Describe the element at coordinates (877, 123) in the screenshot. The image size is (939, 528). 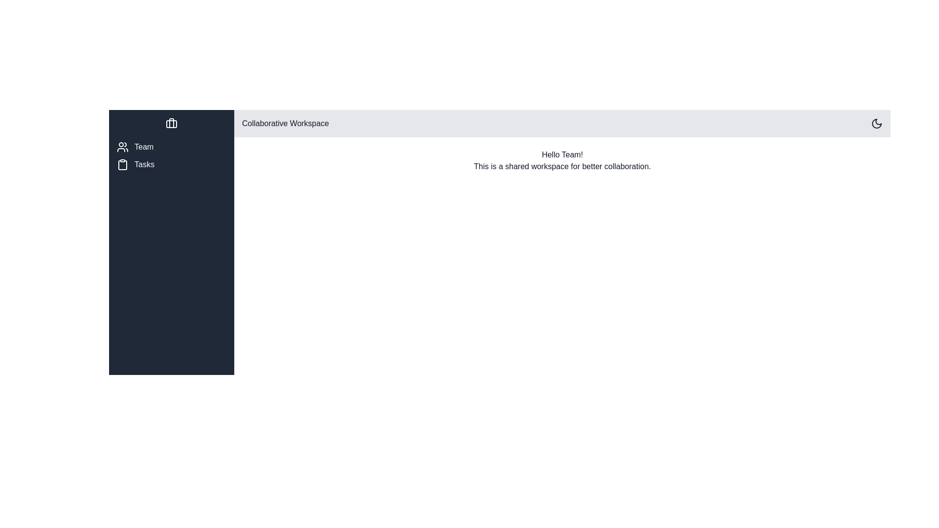
I see `the crescent moon icon located in the top-right corner of the application interface` at that location.